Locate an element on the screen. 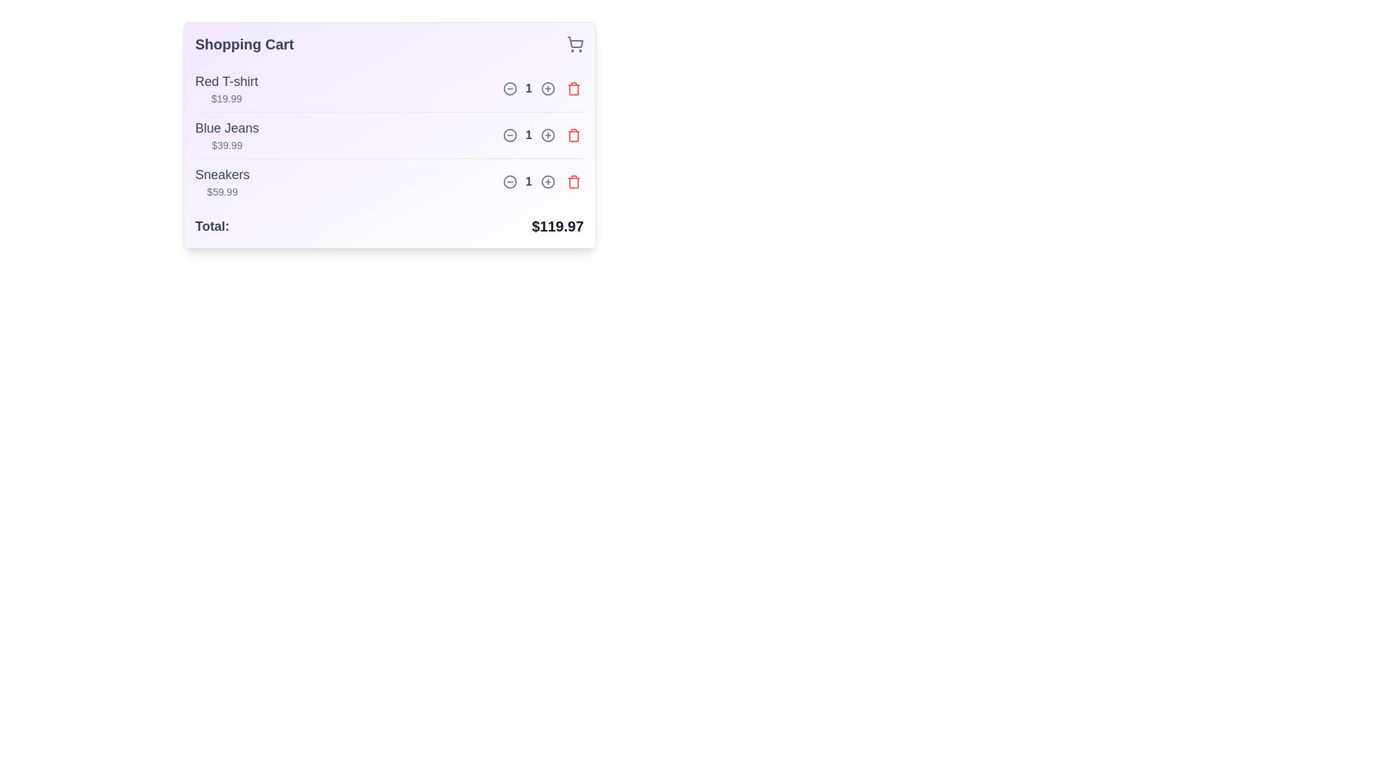  the circular outline button, which is the third icon in the 'Sneakers' row of the shopping cart interface, to increase the item's quantity is located at coordinates (547, 181).